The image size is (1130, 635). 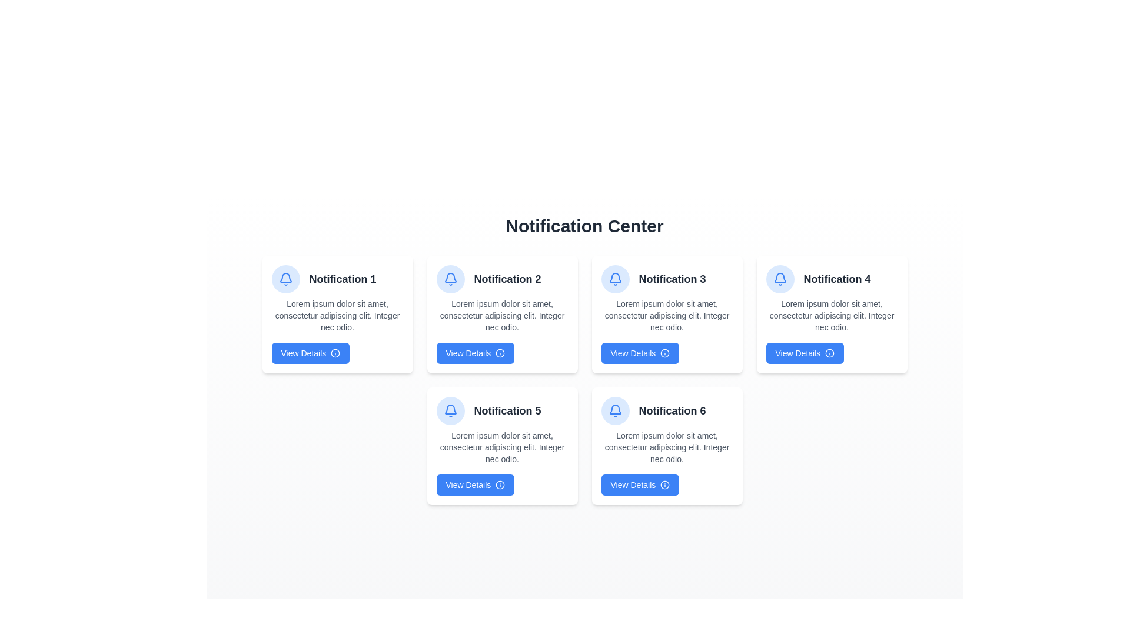 I want to click on the 'View Details' button, which is styled with rounded corners and includes an information circle icon, to observe any hover effect, so click(x=310, y=353).